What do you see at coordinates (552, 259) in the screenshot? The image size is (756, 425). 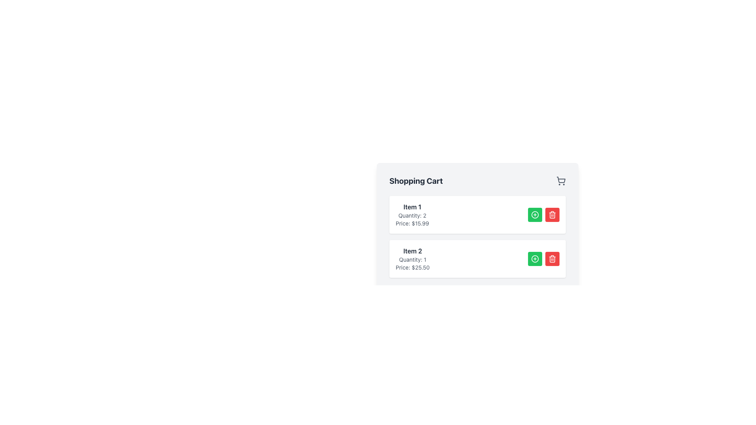 I see `the trash can icon, which is the central body component of the trash can in the right column of the shopping cart interface` at bounding box center [552, 259].